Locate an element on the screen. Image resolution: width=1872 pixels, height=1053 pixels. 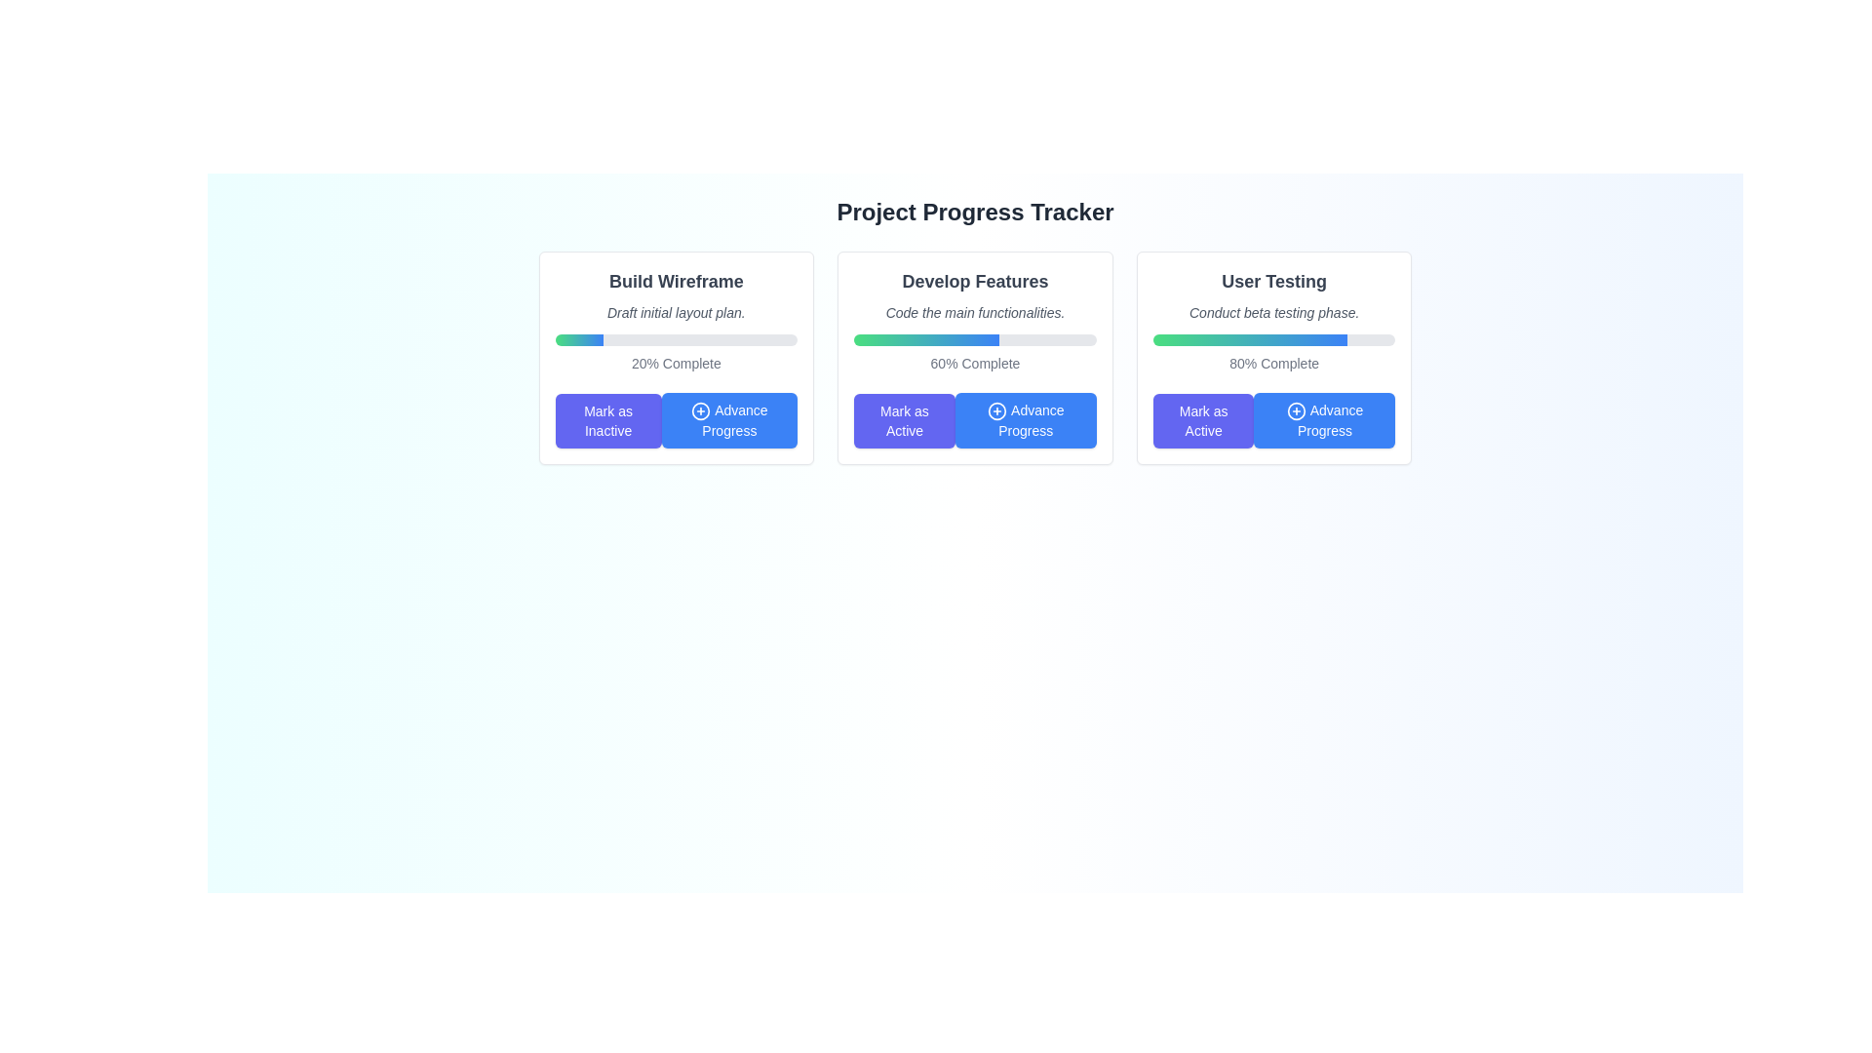
the Progress bar element located in the second card titled 'Develop Features', which is visually represented with a light gray background and a colored fill indicating 60% completion is located at coordinates (975, 338).